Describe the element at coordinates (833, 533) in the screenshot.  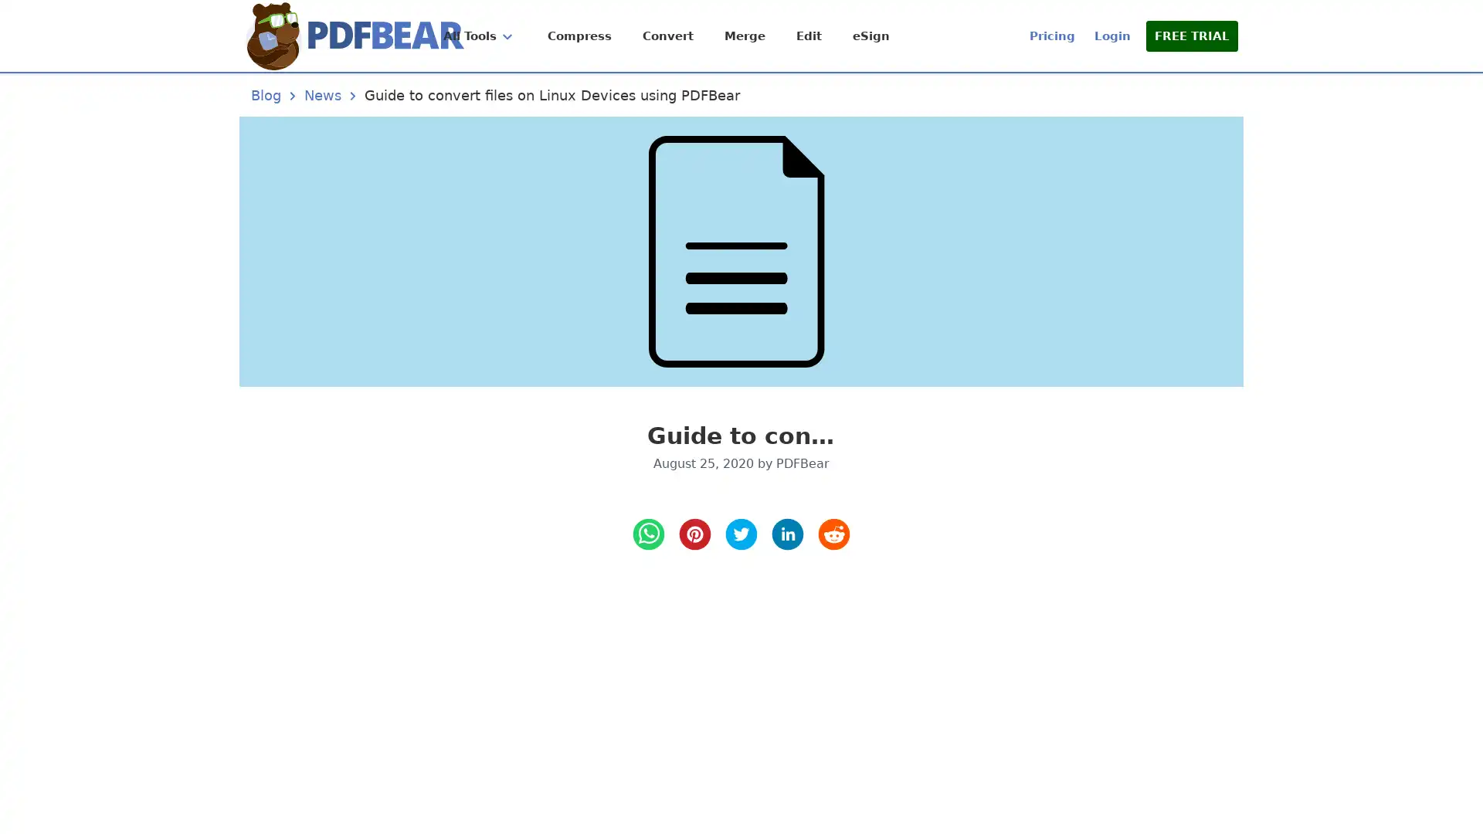
I see `reddit` at that location.